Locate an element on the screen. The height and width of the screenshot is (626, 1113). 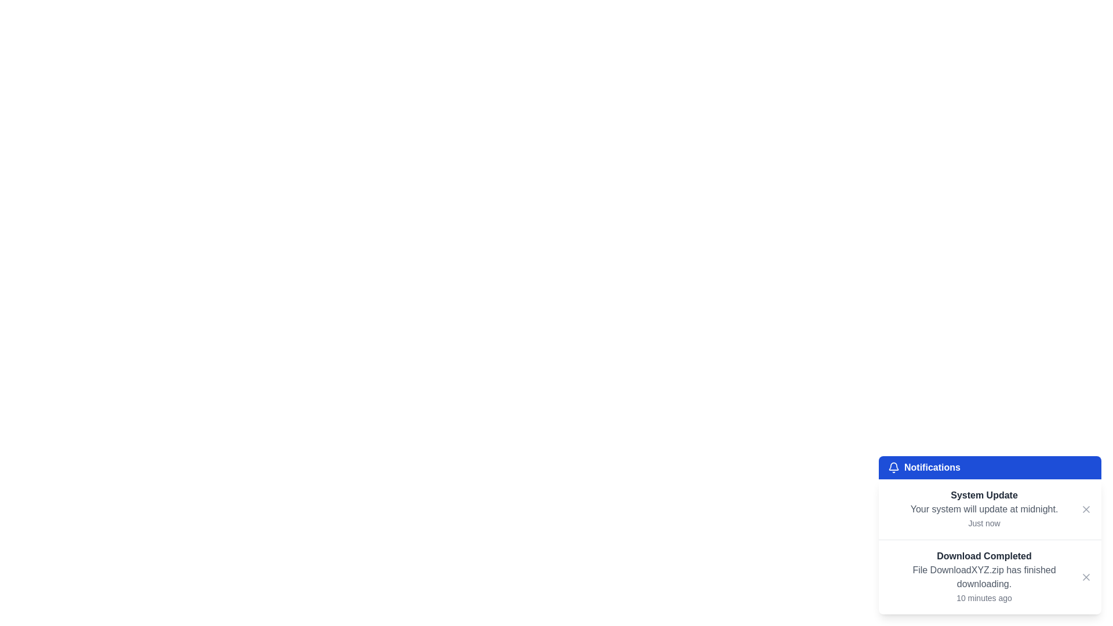
the Cross-shaped close icon located in the top-right corner of the 'System Update' notification is located at coordinates (1085, 509).